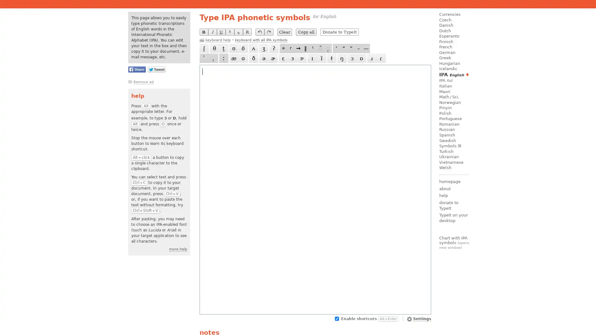 The height and width of the screenshot is (335, 596). I want to click on Share this page on Twitter, so click(156, 69).